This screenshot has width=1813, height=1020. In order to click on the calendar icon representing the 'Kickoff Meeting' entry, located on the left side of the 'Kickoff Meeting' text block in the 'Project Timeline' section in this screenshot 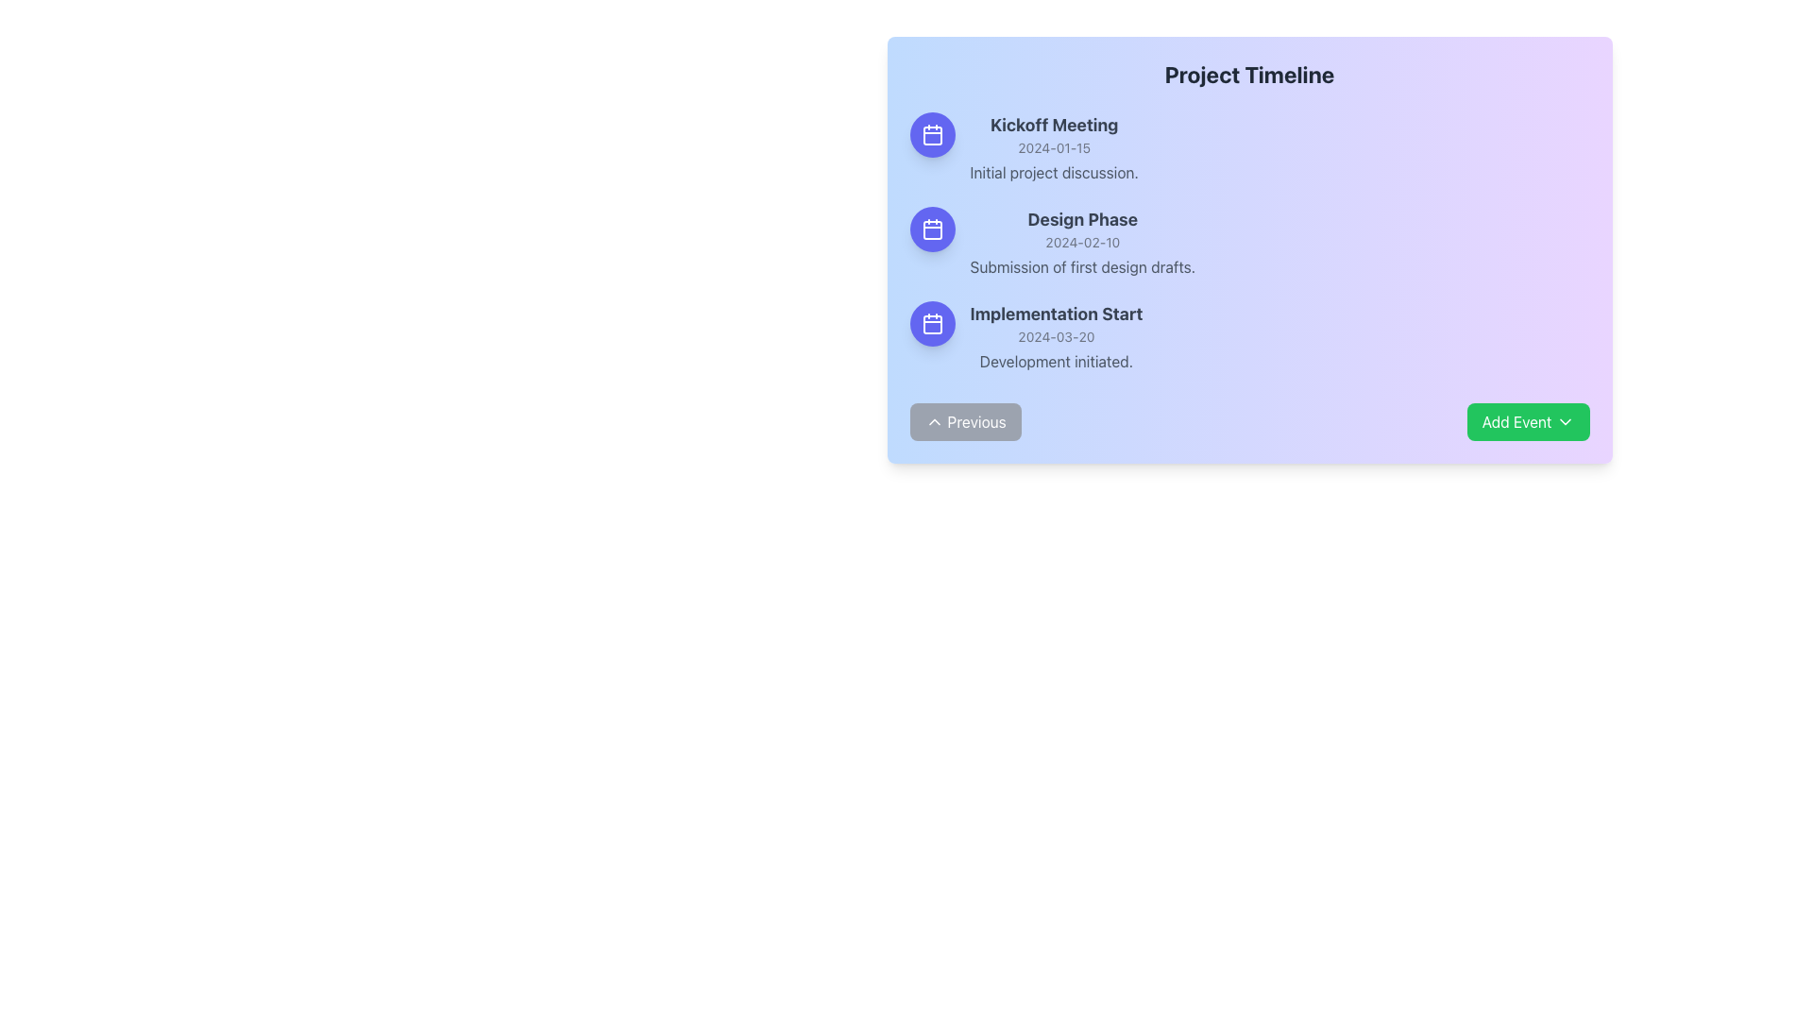, I will do `click(932, 133)`.